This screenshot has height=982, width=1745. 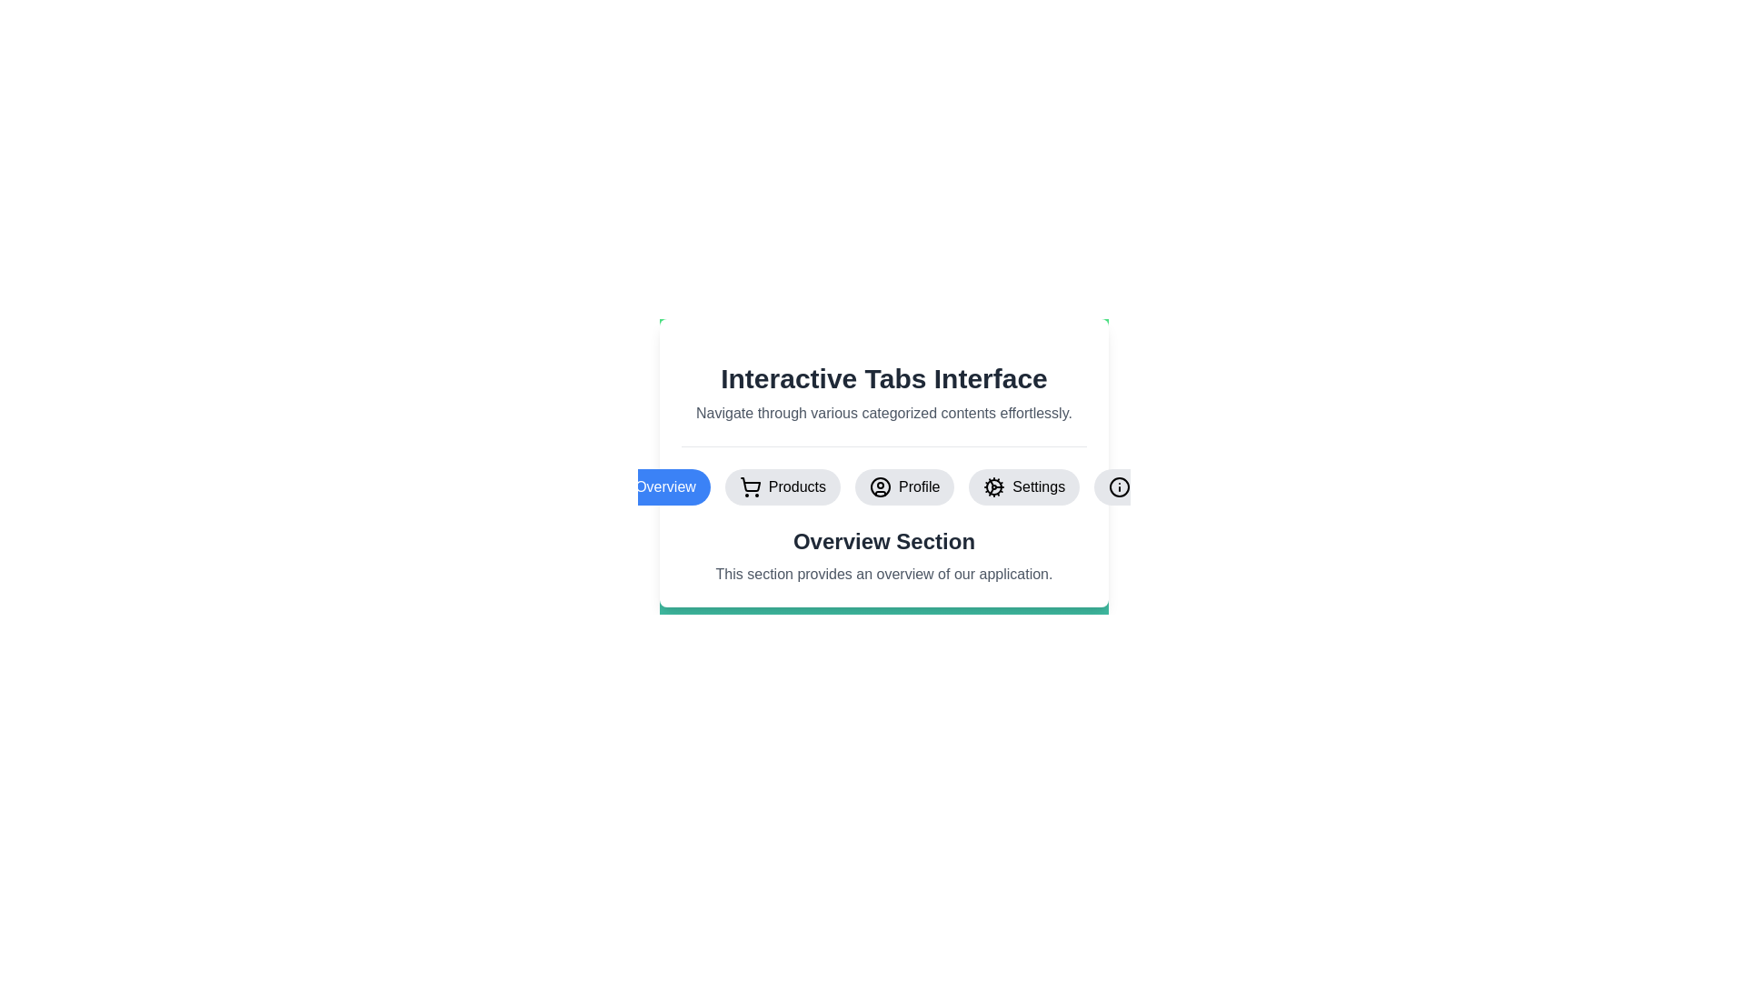 What do you see at coordinates (750, 486) in the screenshot?
I see `the shopping cart icon located next to the 'Products' label in the navigation tabs` at bounding box center [750, 486].